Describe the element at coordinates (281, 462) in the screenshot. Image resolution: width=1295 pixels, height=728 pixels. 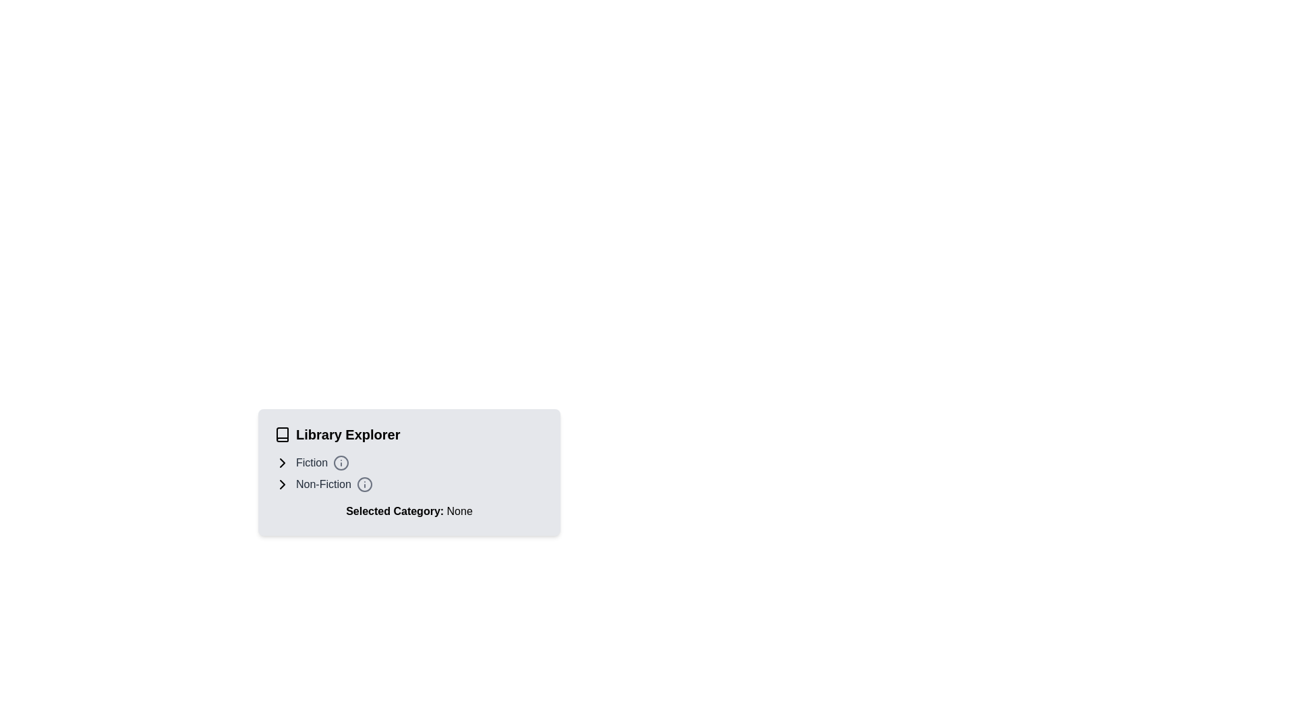
I see `the icon located to the left of the 'Fiction' text in the 'Library Explorer' section` at that location.